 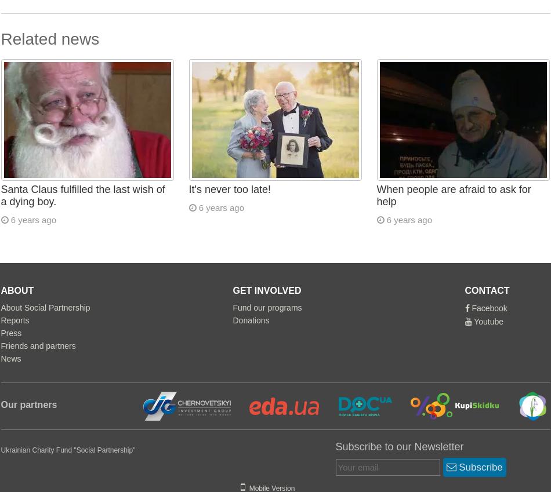 What do you see at coordinates (68, 450) in the screenshot?
I see `'Ukrainian Charity Fund "Social Partnership"'` at bounding box center [68, 450].